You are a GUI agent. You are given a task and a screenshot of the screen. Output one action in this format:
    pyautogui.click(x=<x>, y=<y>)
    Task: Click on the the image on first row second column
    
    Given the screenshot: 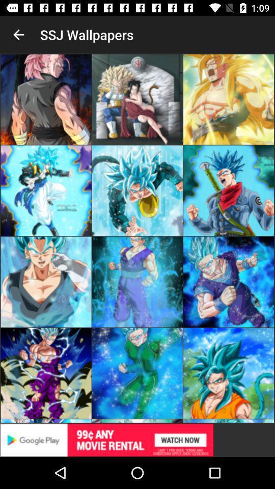 What is the action you would take?
    pyautogui.click(x=137, y=99)
    